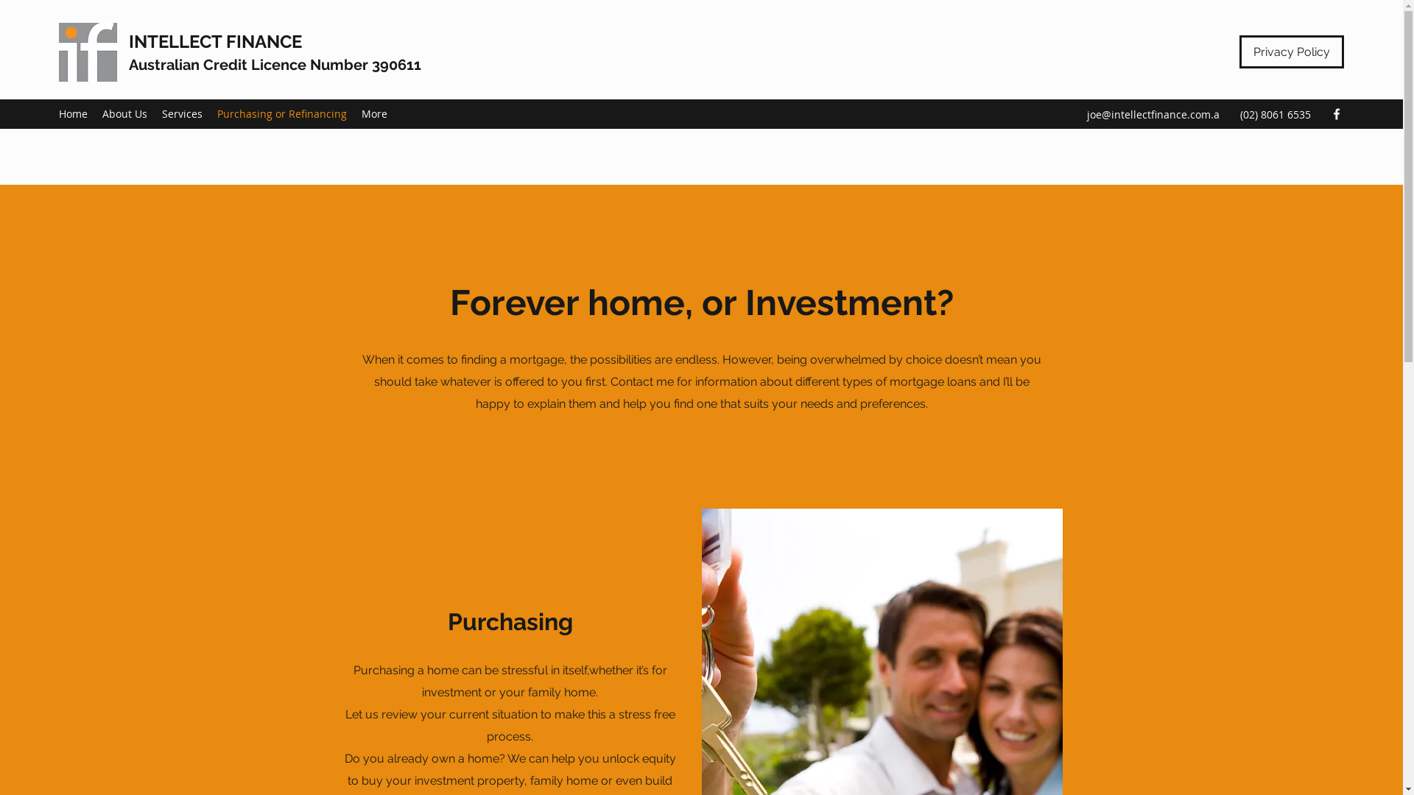 This screenshot has height=795, width=1414. Describe the element at coordinates (52, 113) in the screenshot. I see `'Home'` at that location.